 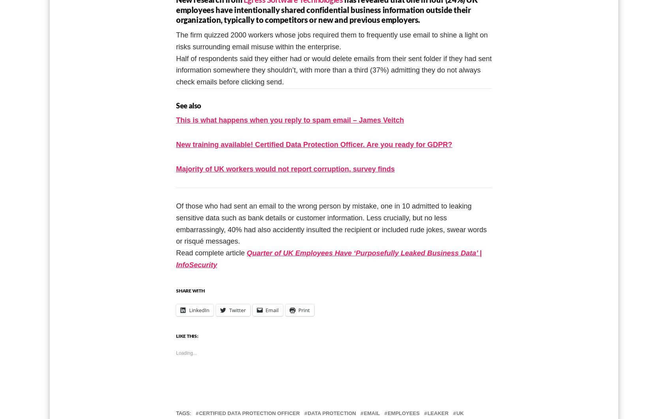 What do you see at coordinates (332, 413) in the screenshot?
I see `'data protection'` at bounding box center [332, 413].